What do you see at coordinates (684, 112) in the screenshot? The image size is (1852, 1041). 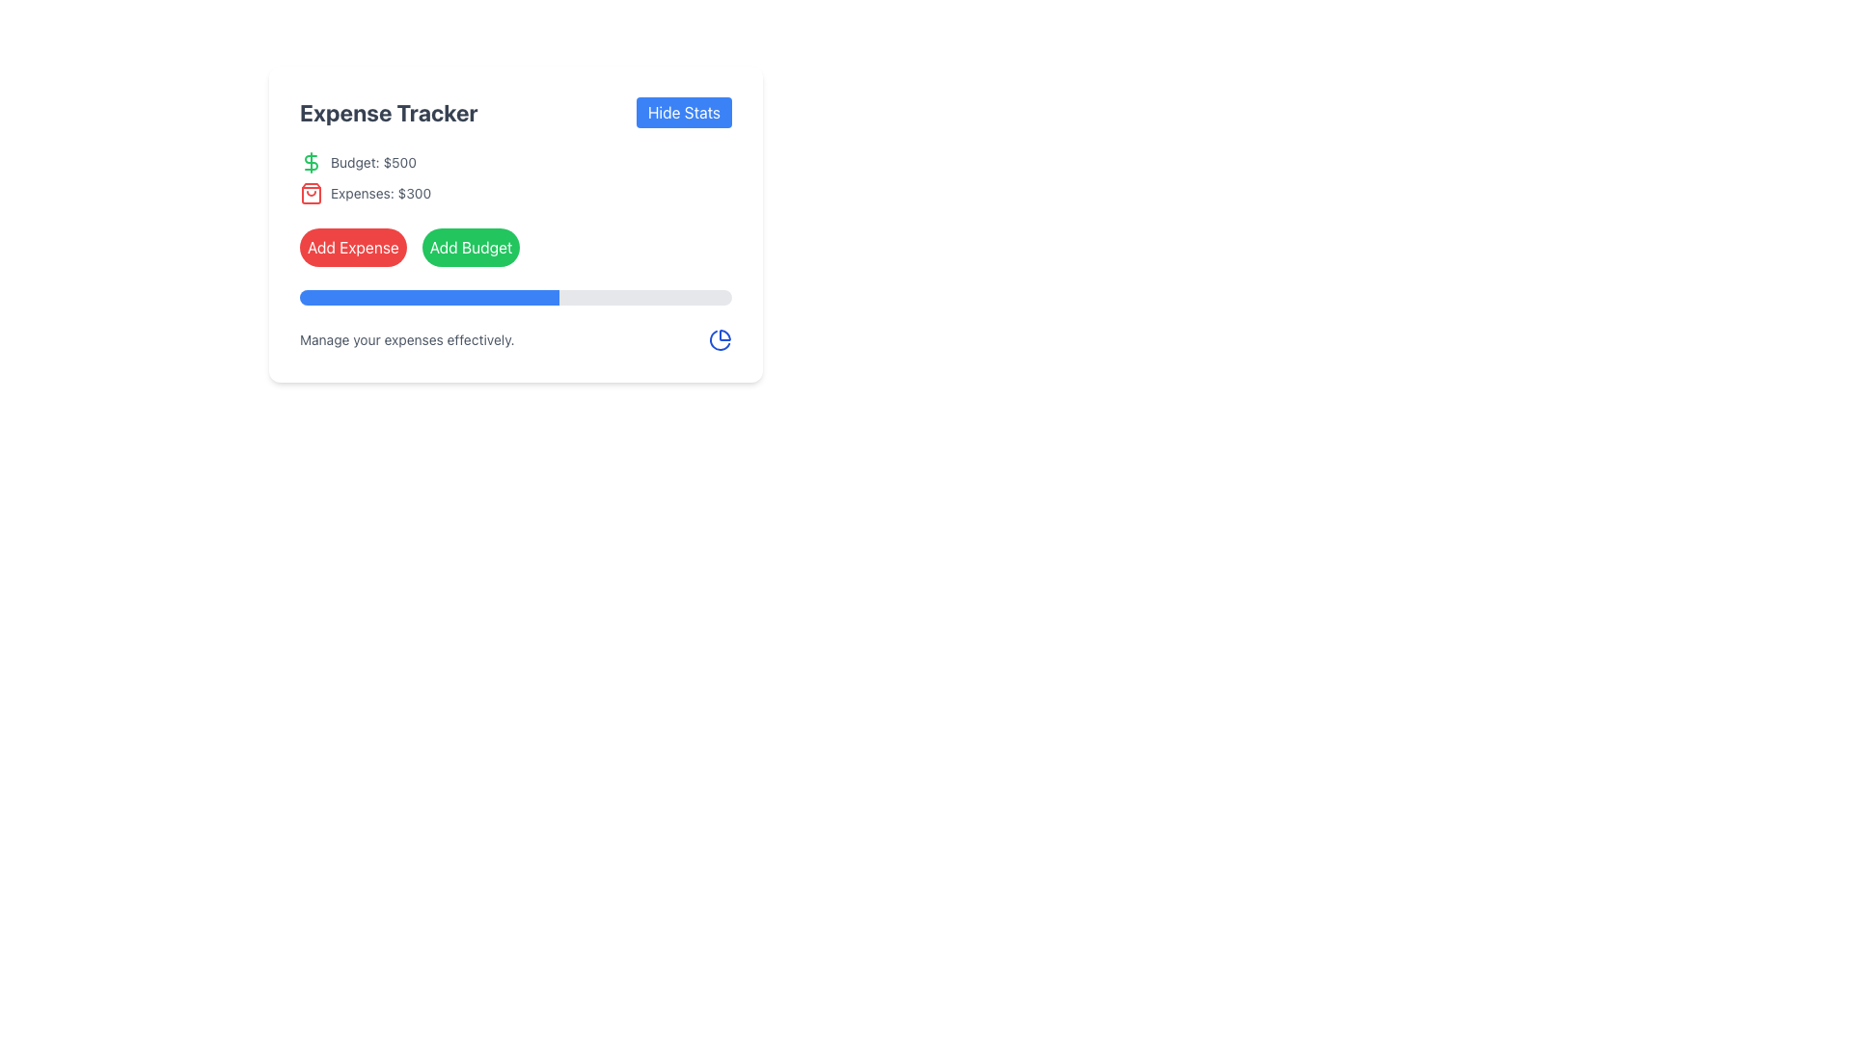 I see `the blue button with rounded corners labeled 'Hide Stats'` at bounding box center [684, 112].